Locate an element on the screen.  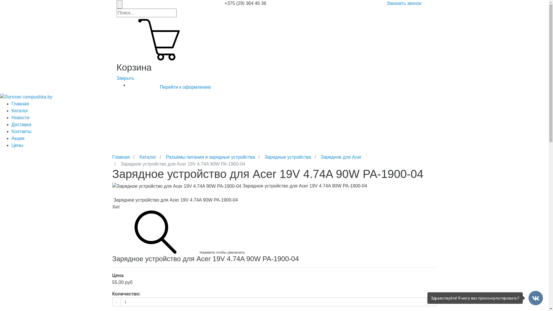
'-' is located at coordinates (116, 301).